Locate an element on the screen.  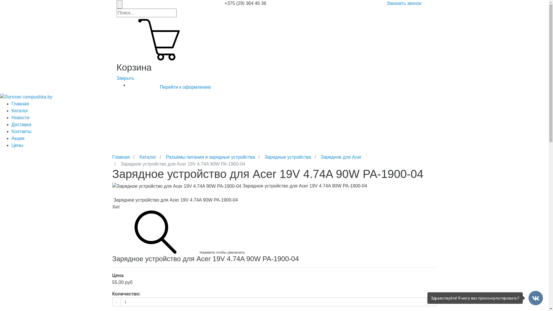
'-' is located at coordinates (116, 301).